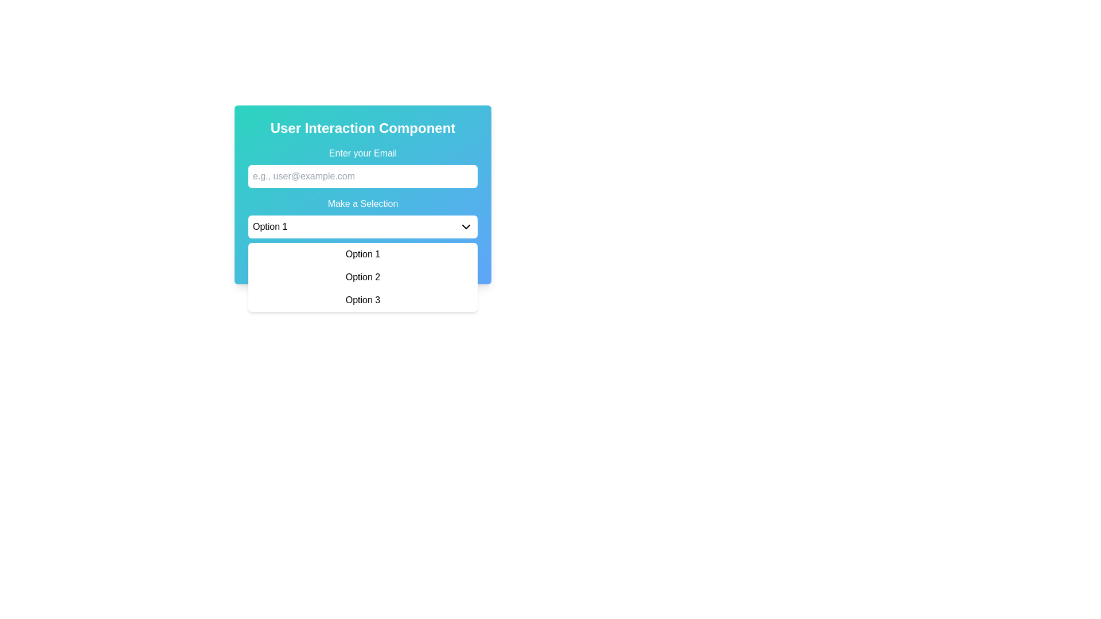 The width and height of the screenshot is (1101, 619). Describe the element at coordinates (466, 227) in the screenshot. I see `the chevron icon at the far-right end of the horizontal bar labeled 'Option 1'` at that location.